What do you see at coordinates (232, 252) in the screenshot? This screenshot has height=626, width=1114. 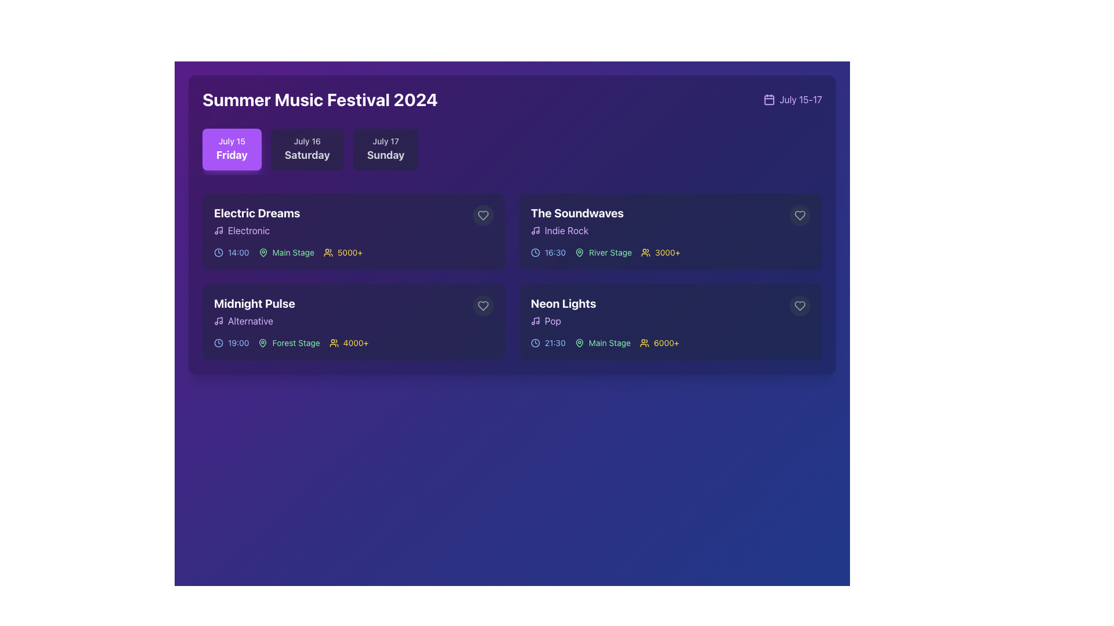 I see `static text indicating the starting time of the 'Electric Dreams' event, which is the first item in the group displaying event details` at bounding box center [232, 252].